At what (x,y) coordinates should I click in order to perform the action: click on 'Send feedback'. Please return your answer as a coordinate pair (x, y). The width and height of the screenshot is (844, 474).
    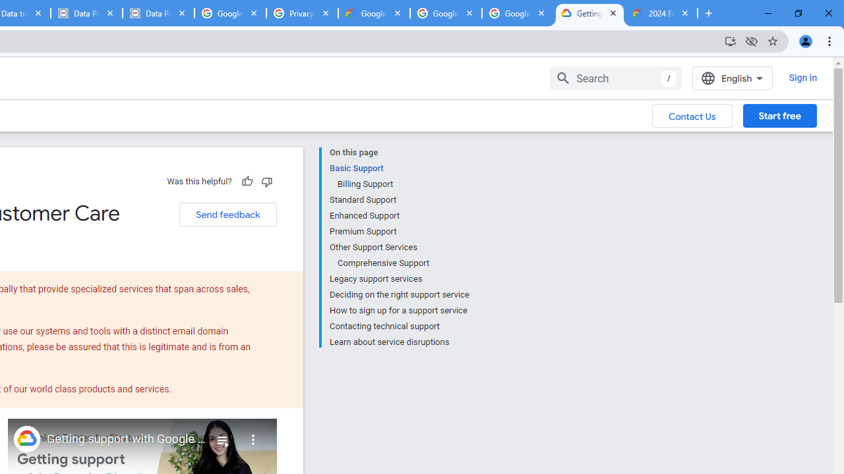
    Looking at the image, I should click on (227, 214).